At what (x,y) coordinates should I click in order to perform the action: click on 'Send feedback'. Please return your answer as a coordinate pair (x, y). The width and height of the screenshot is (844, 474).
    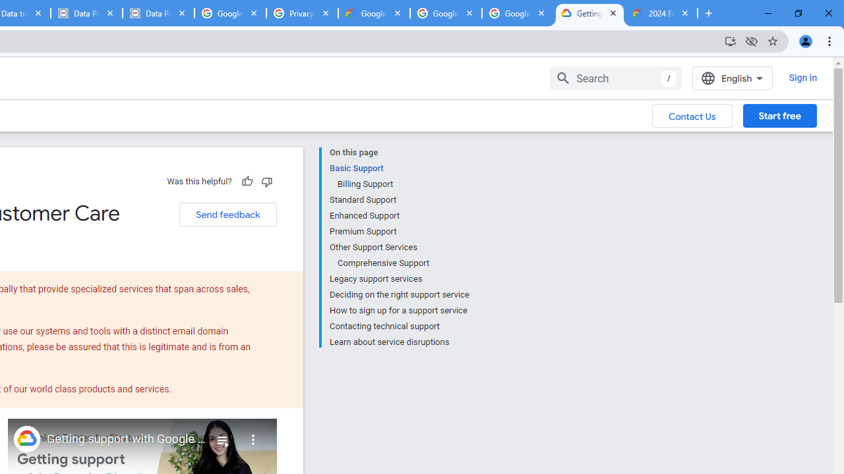
    Looking at the image, I should click on (227, 214).